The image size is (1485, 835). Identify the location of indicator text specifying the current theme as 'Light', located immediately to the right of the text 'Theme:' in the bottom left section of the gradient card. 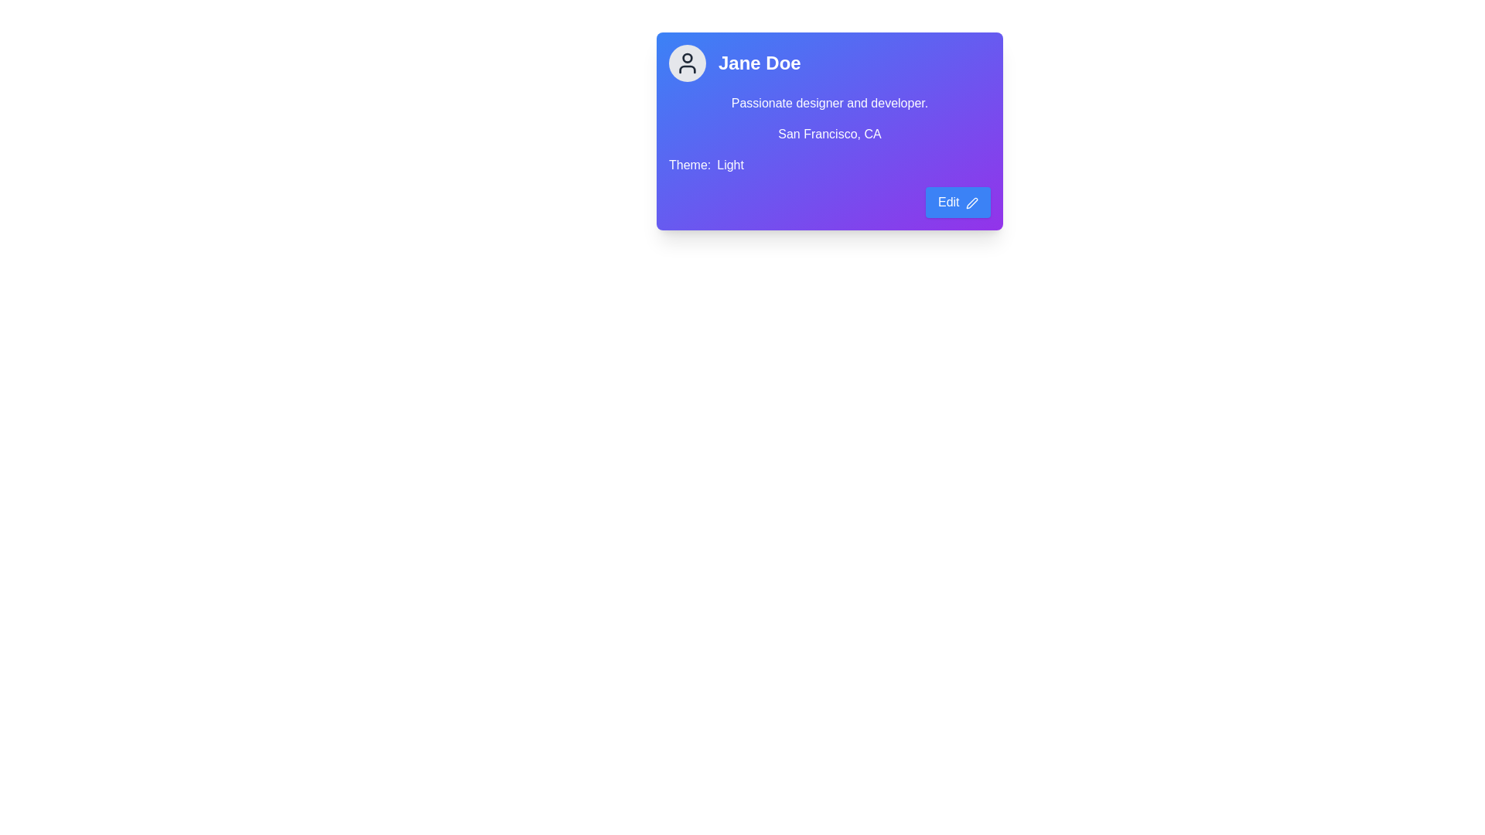
(729, 165).